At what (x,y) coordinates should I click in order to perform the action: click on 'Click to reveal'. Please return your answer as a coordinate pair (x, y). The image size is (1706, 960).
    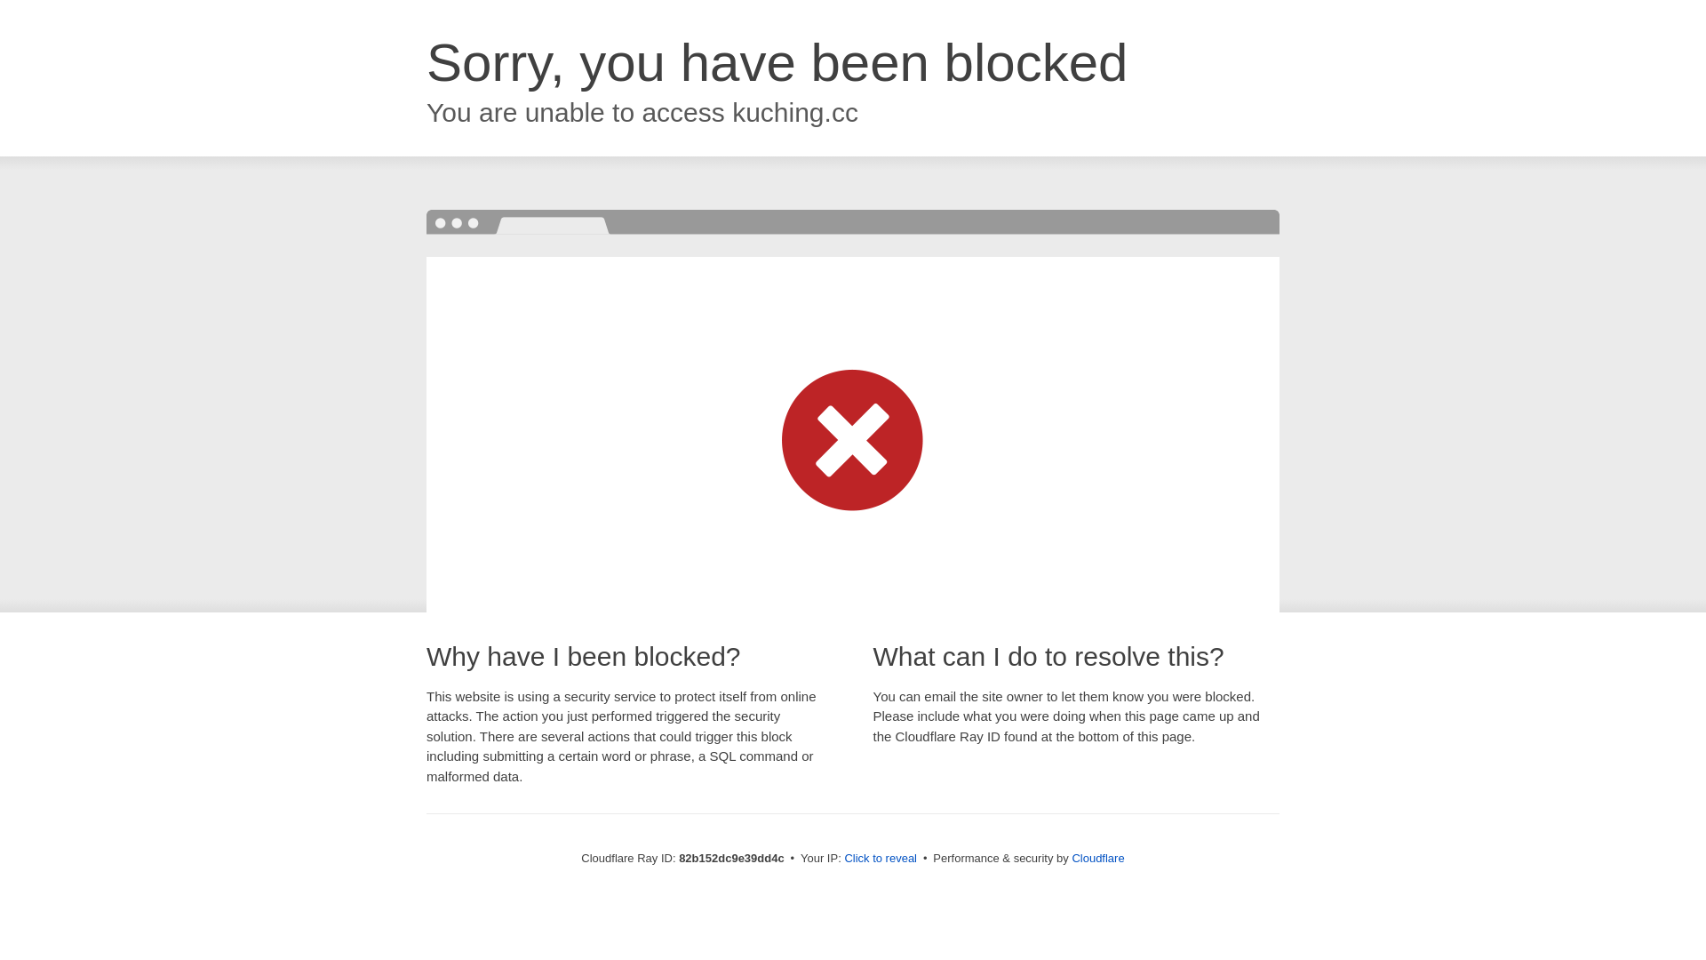
    Looking at the image, I should click on (880, 857).